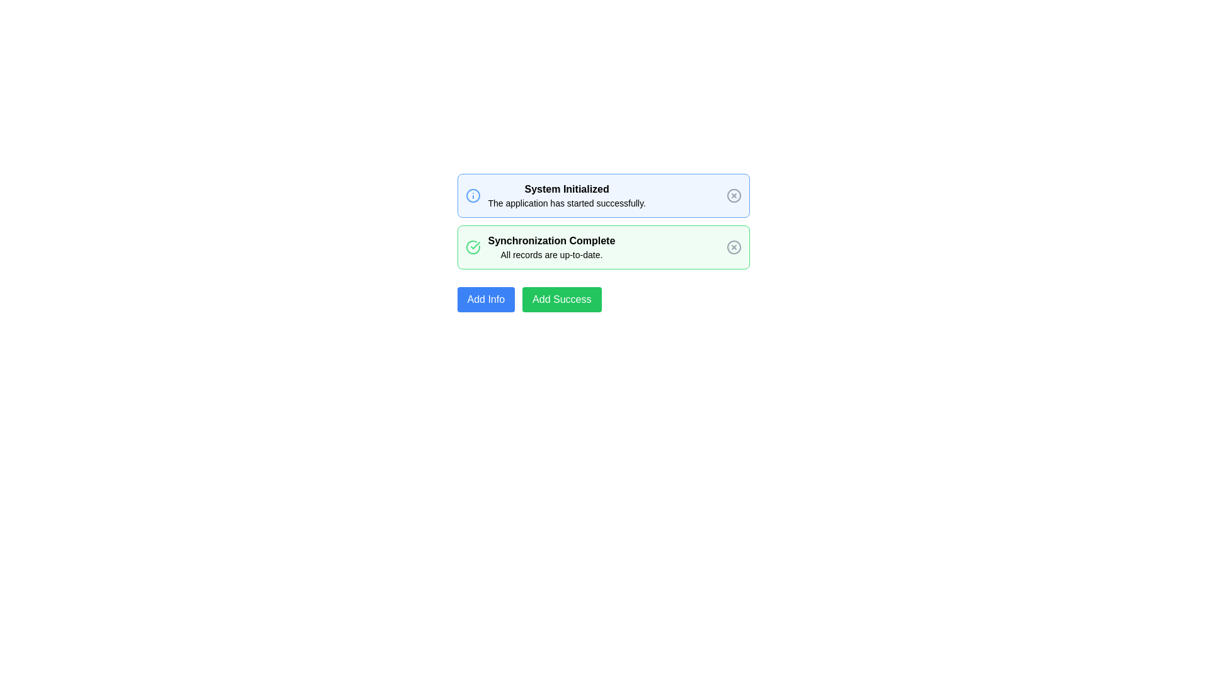 Image resolution: width=1210 pixels, height=680 pixels. I want to click on the notification text displaying 'System Initialized' with the description 'The application has started successfully.' which is styled with black text against a light-blue background, so click(555, 196).